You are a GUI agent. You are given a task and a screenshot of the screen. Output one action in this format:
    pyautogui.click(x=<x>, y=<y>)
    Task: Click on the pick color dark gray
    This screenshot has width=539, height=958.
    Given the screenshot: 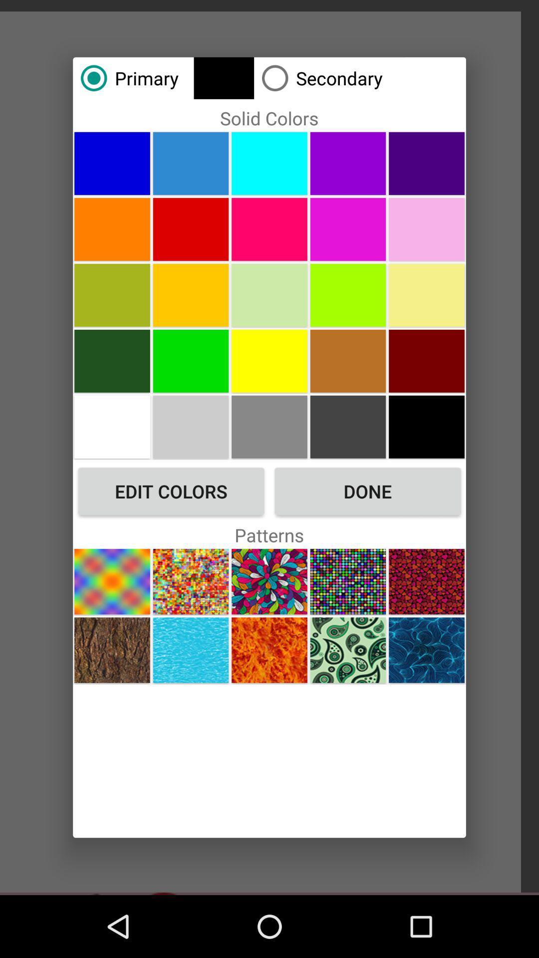 What is the action you would take?
    pyautogui.click(x=347, y=427)
    